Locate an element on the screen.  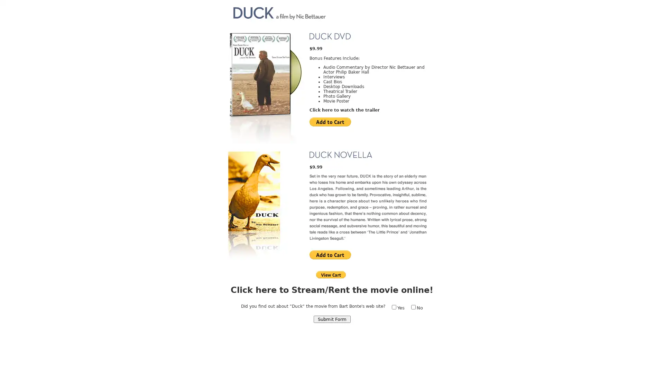
Submit Form is located at coordinates (331, 319).